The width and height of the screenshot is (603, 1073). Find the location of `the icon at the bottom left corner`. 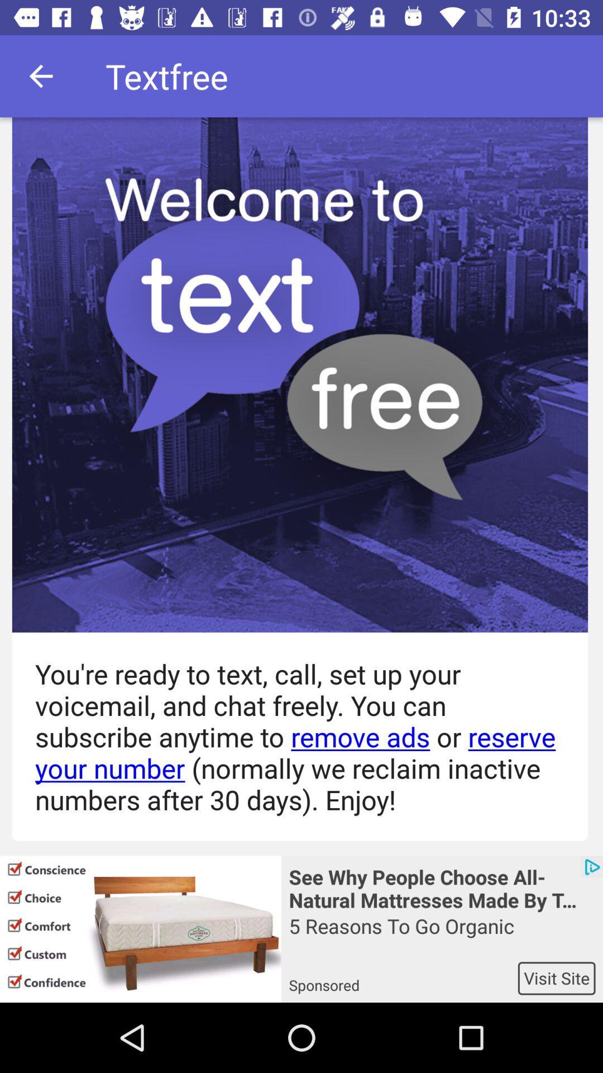

the icon at the bottom left corner is located at coordinates (140, 929).